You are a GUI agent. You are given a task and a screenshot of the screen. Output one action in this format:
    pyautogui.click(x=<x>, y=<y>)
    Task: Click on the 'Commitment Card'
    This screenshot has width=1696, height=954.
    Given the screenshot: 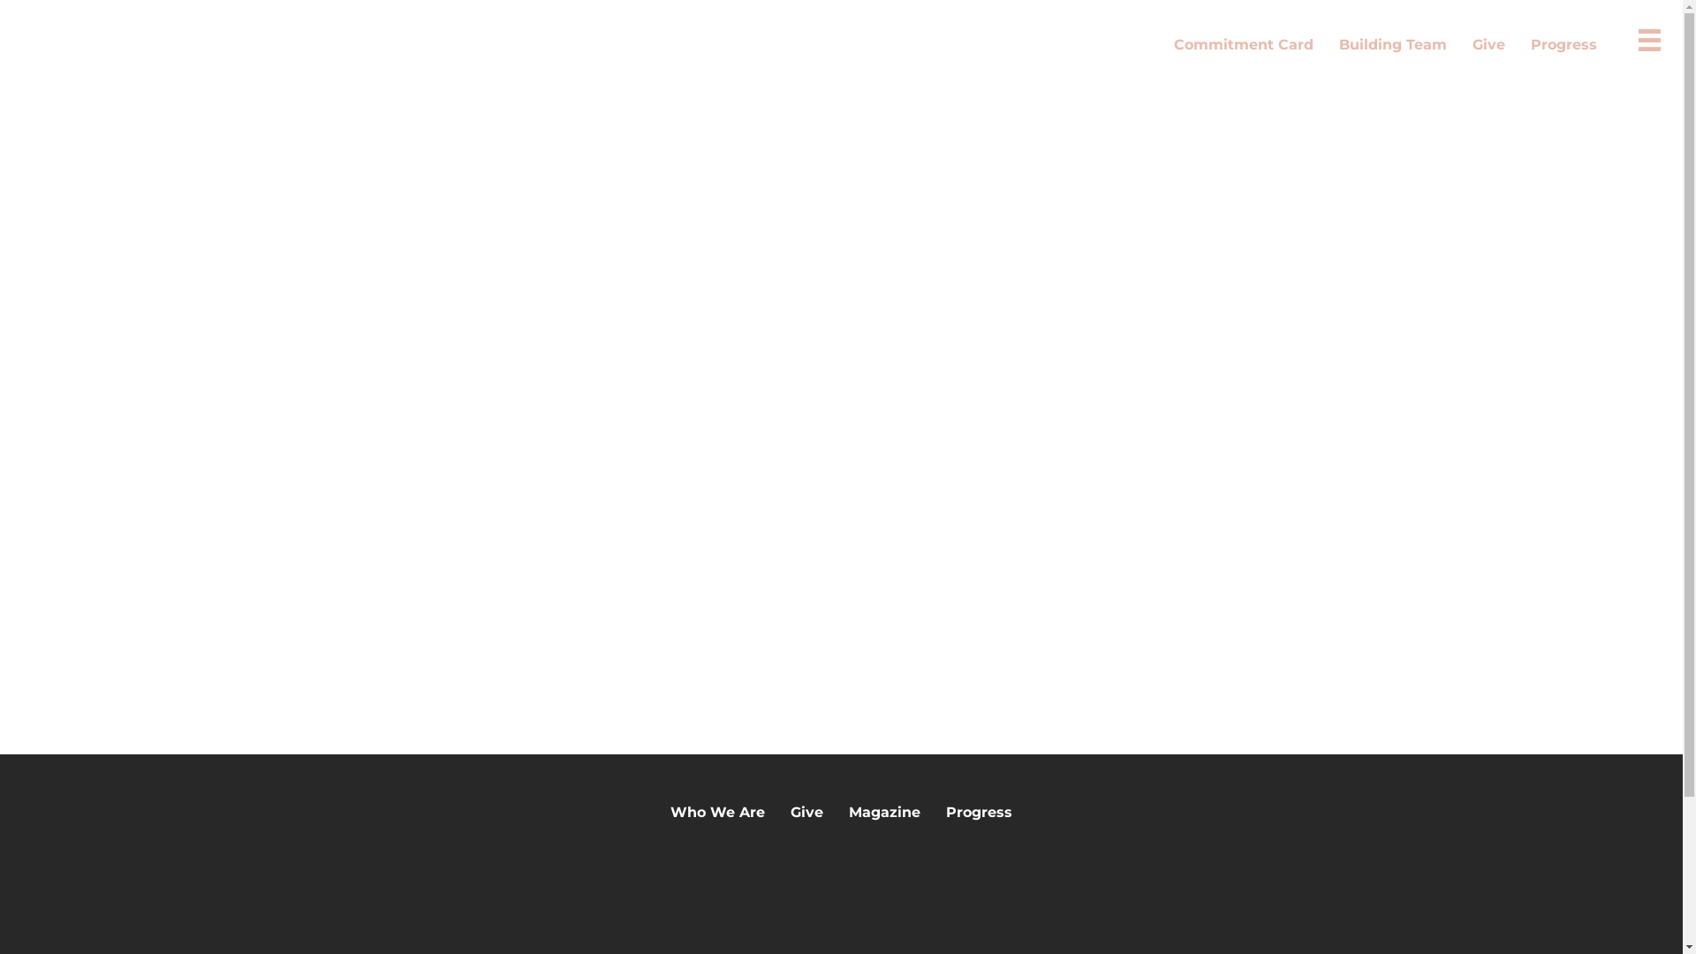 What is the action you would take?
    pyautogui.click(x=1242, y=43)
    